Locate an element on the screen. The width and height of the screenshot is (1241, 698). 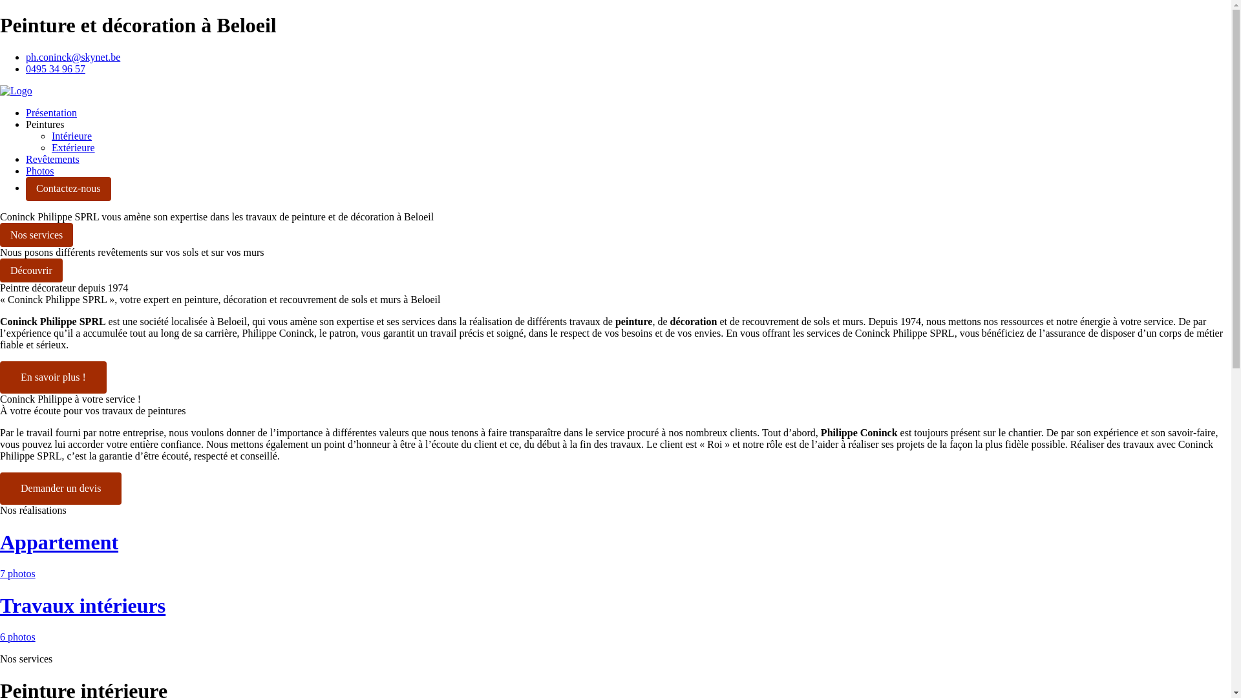
'Demander un devis' is located at coordinates (0, 489).